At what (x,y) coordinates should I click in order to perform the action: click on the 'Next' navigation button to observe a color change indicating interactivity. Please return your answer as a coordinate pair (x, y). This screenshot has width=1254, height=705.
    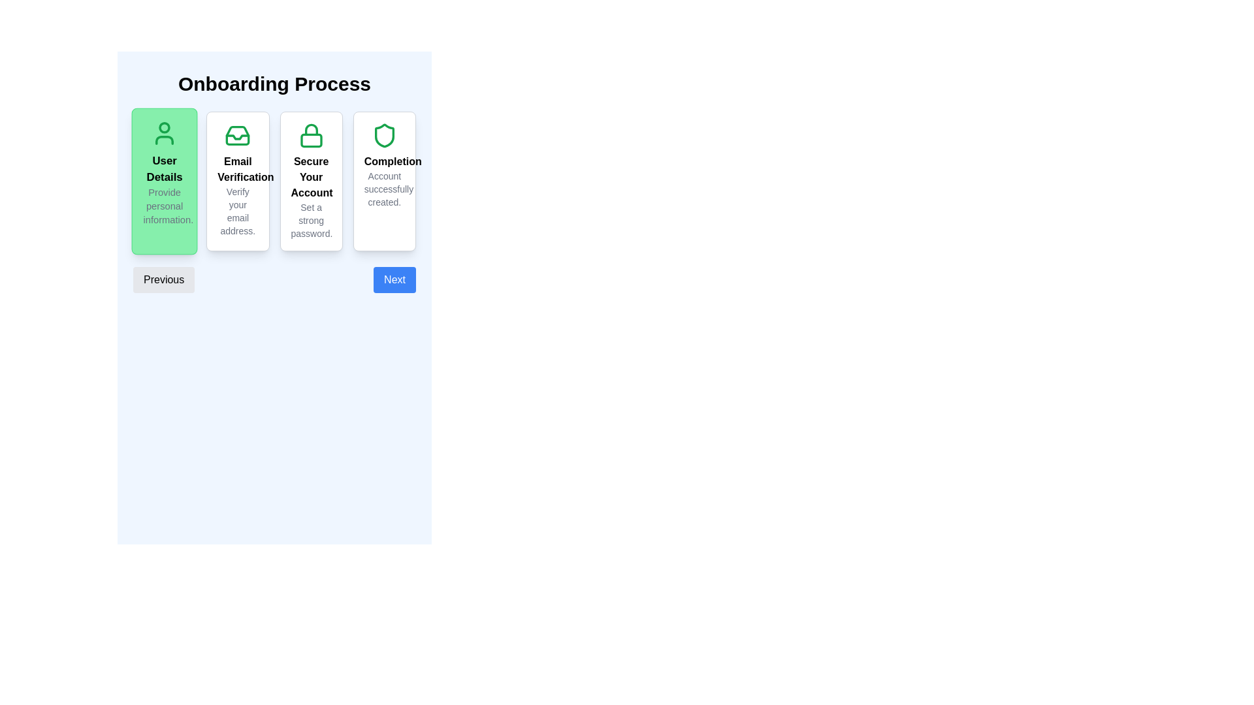
    Looking at the image, I should click on (394, 279).